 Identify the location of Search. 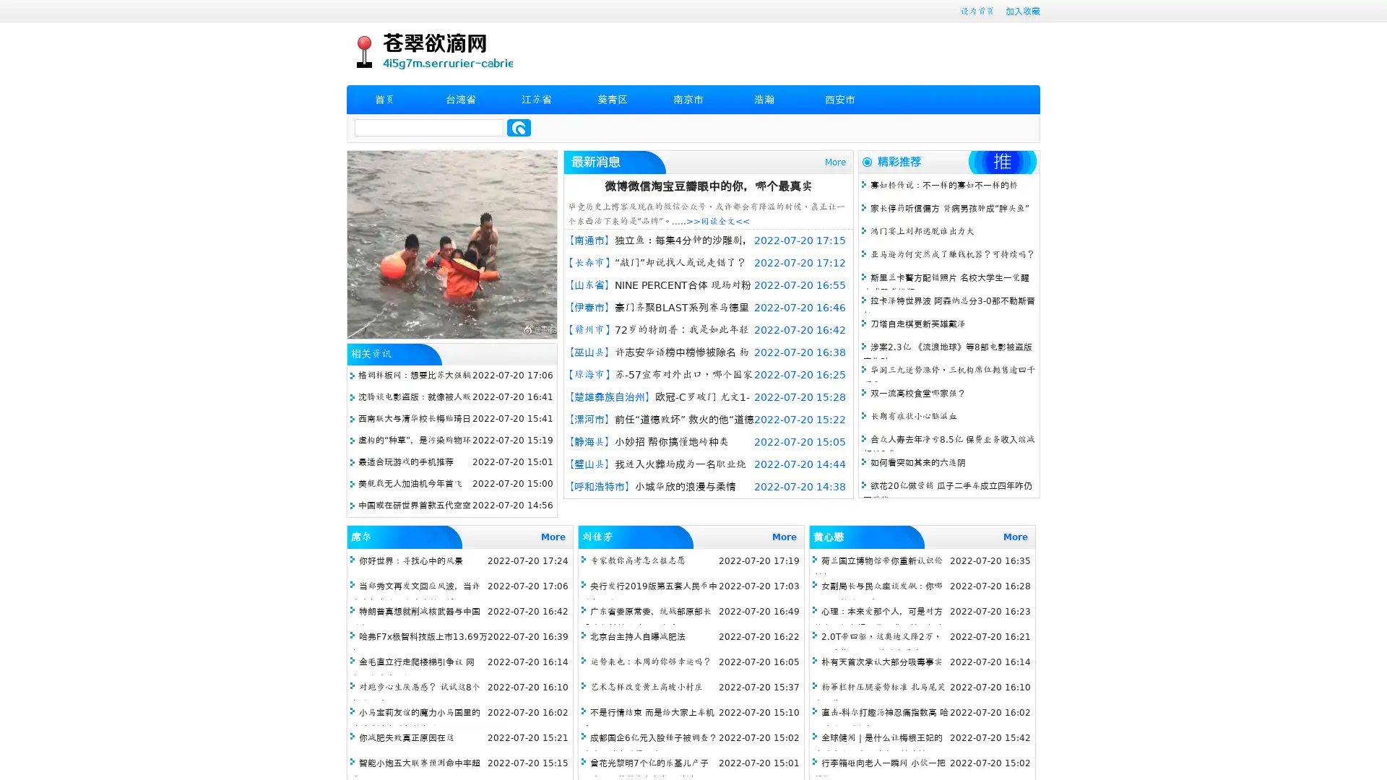
(519, 127).